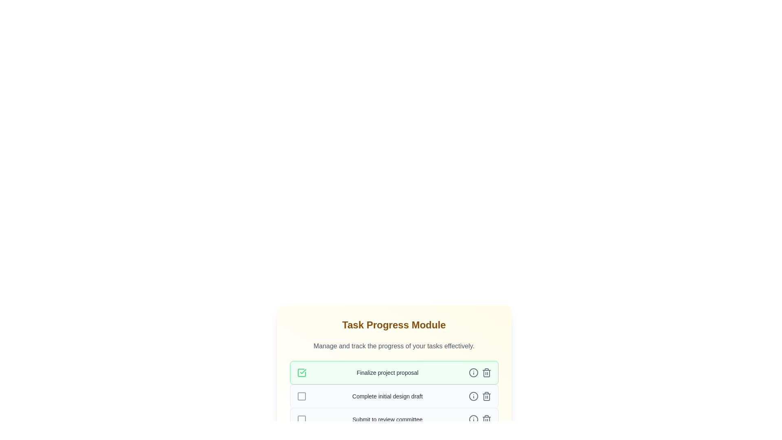 This screenshot has height=440, width=782. I want to click on the delete button, so click(486, 372).